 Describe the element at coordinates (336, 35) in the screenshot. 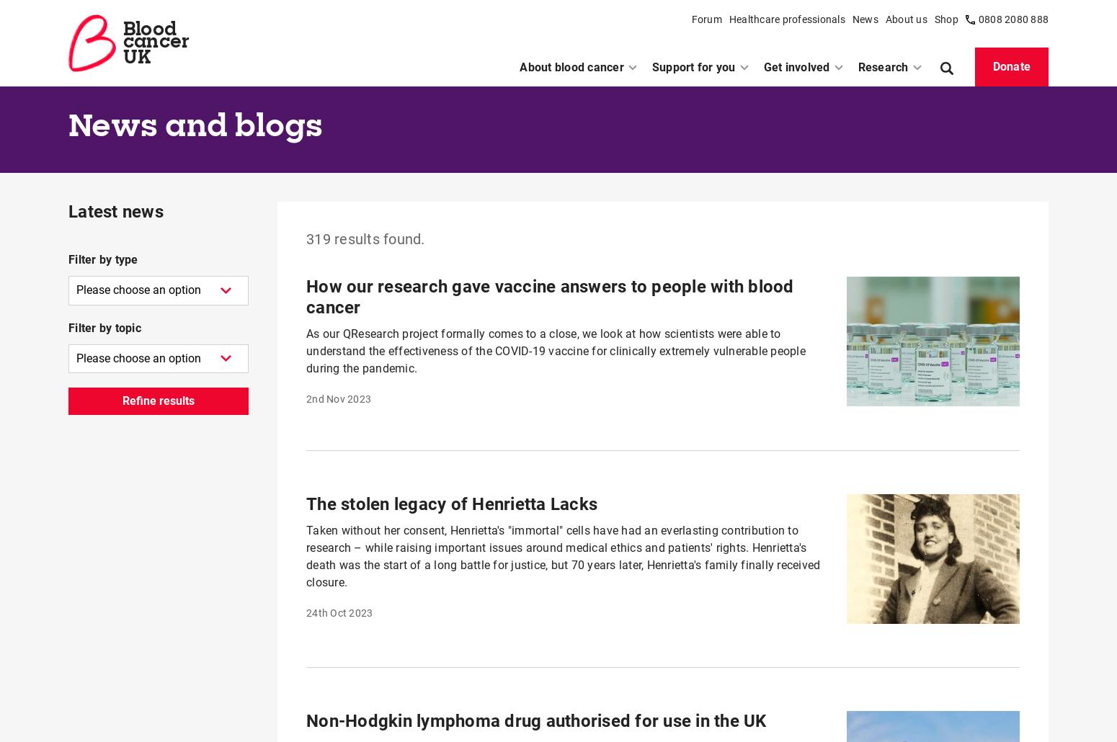

I see `'7th Sep 2023'` at that location.